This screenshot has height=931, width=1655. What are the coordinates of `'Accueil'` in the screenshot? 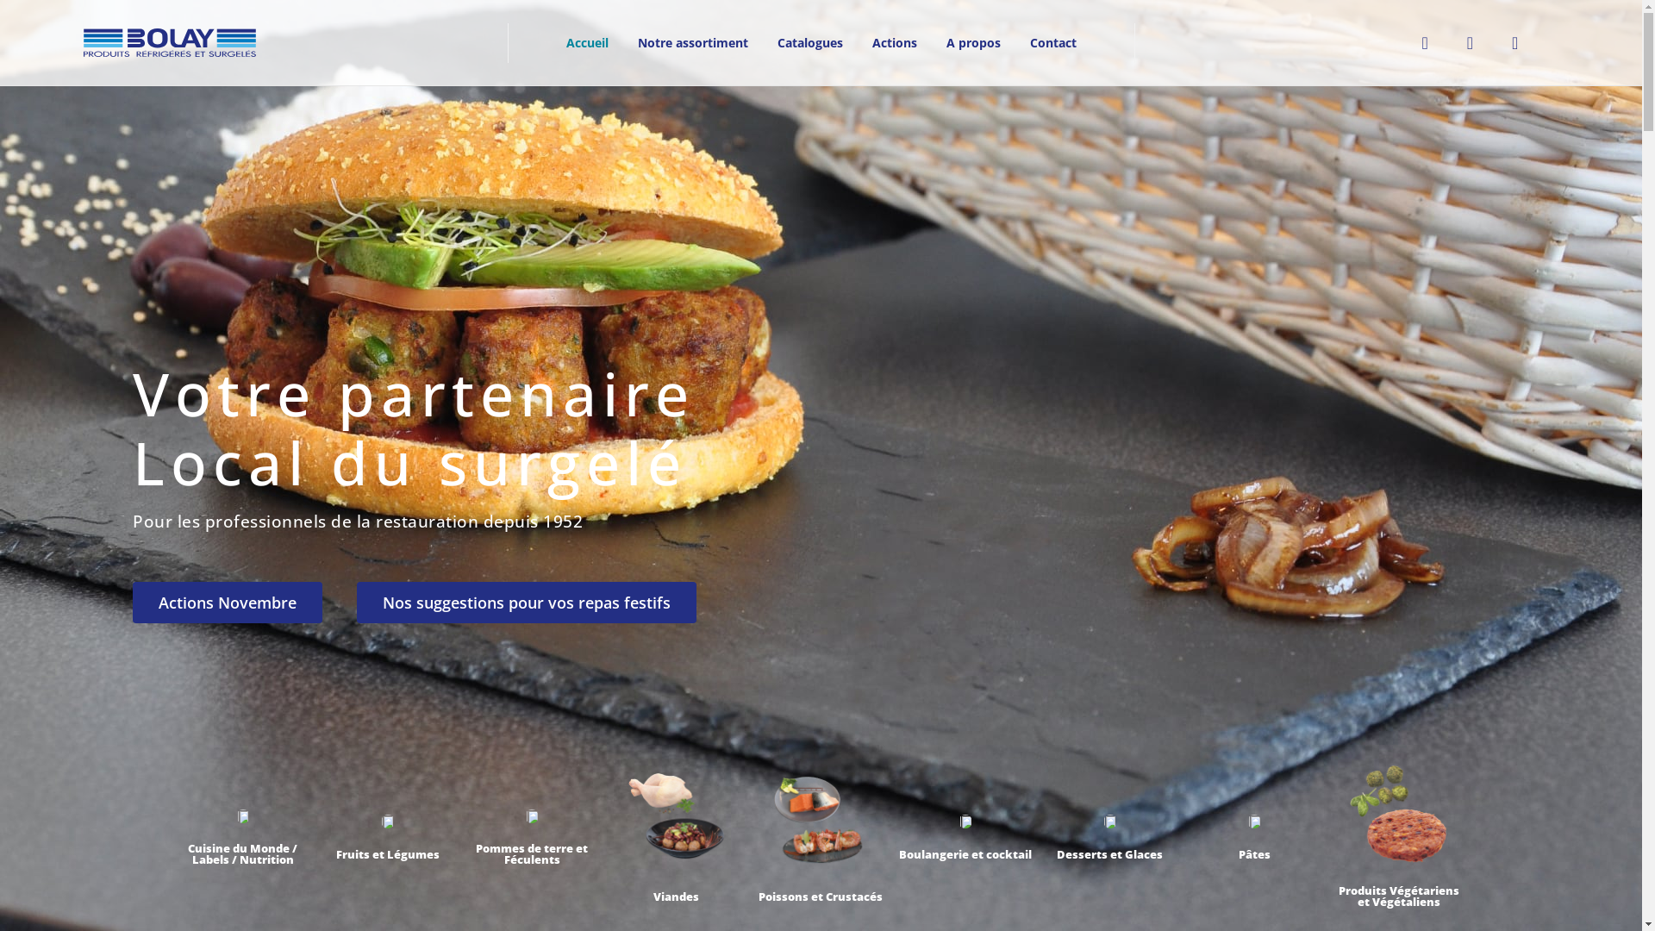 It's located at (587, 41).